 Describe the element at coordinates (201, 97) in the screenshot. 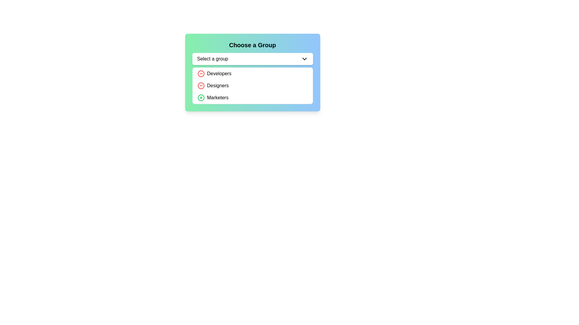

I see `the add icon button located to the left of the 'Marketers' text under the 'Choose a Group' heading` at that location.